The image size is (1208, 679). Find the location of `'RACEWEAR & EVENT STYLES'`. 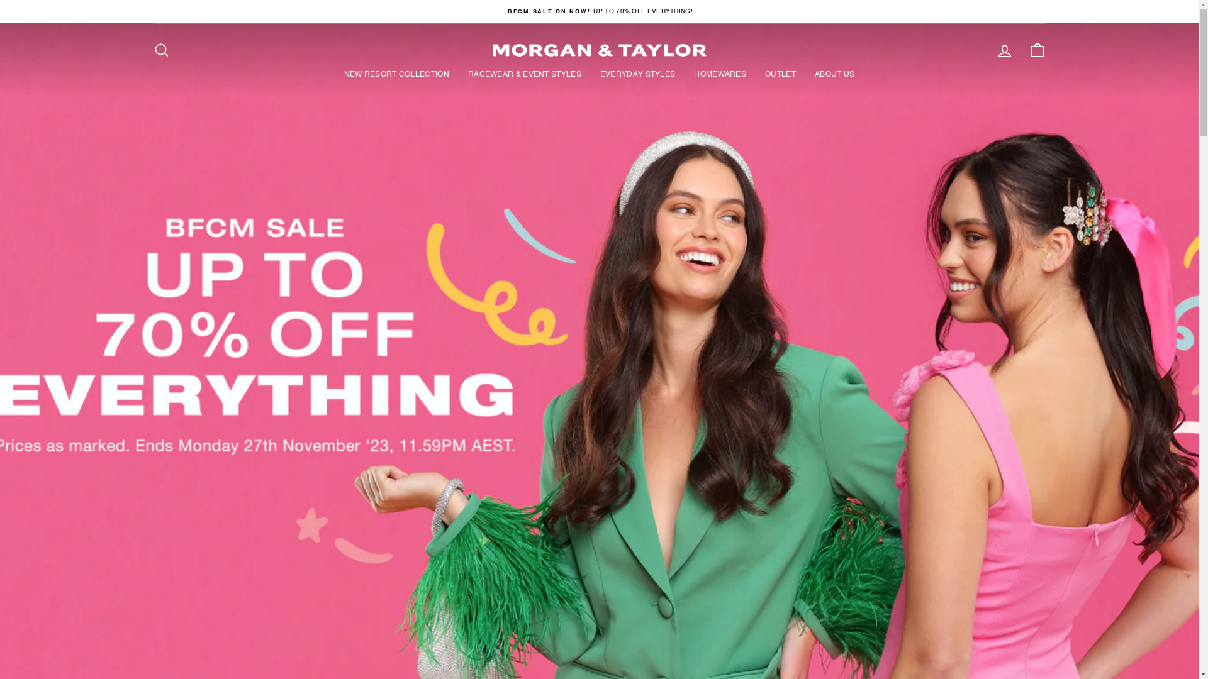

'RACEWEAR & EVENT STYLES' is located at coordinates (525, 74).